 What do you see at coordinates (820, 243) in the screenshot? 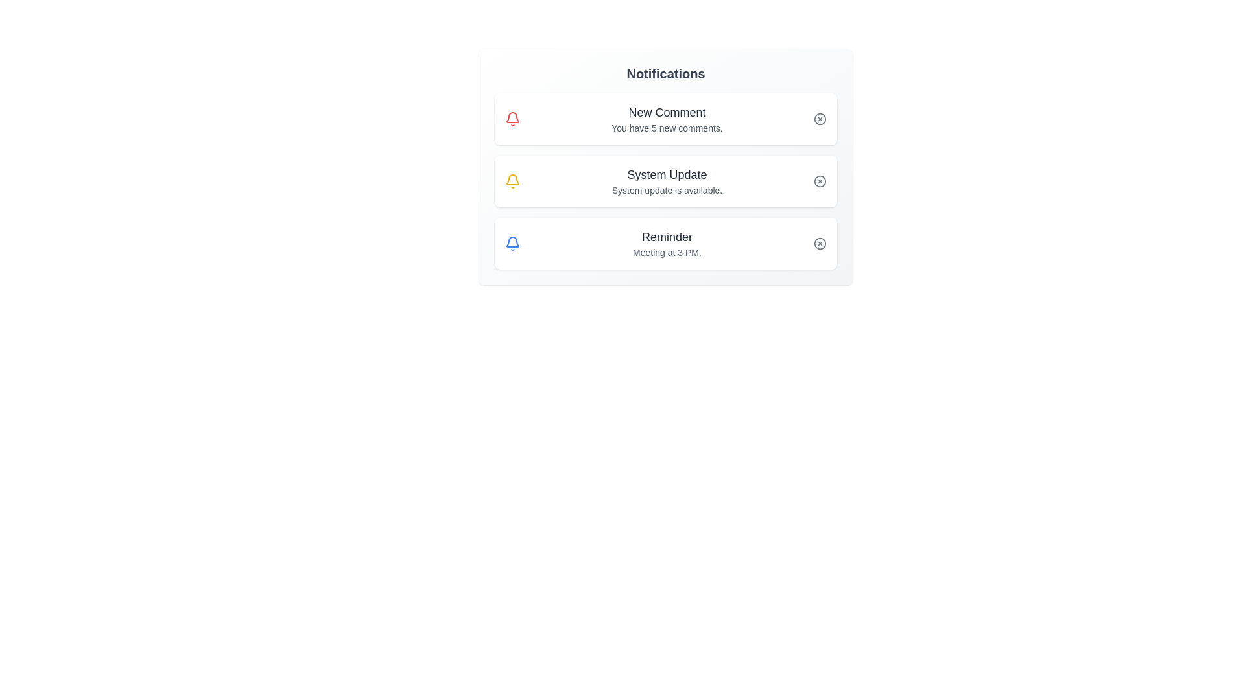
I see `the circular element representing the dismiss action within the notification action component, located in the third row of the notification list` at bounding box center [820, 243].